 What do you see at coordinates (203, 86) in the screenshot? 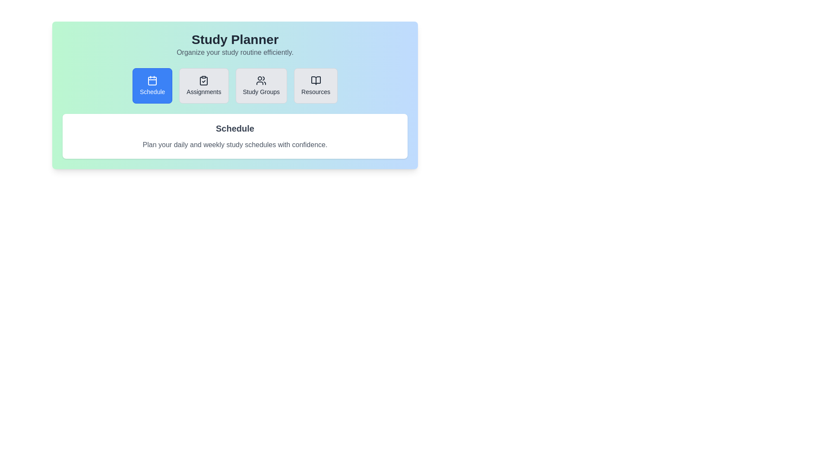
I see `the tab titled Assignments` at bounding box center [203, 86].